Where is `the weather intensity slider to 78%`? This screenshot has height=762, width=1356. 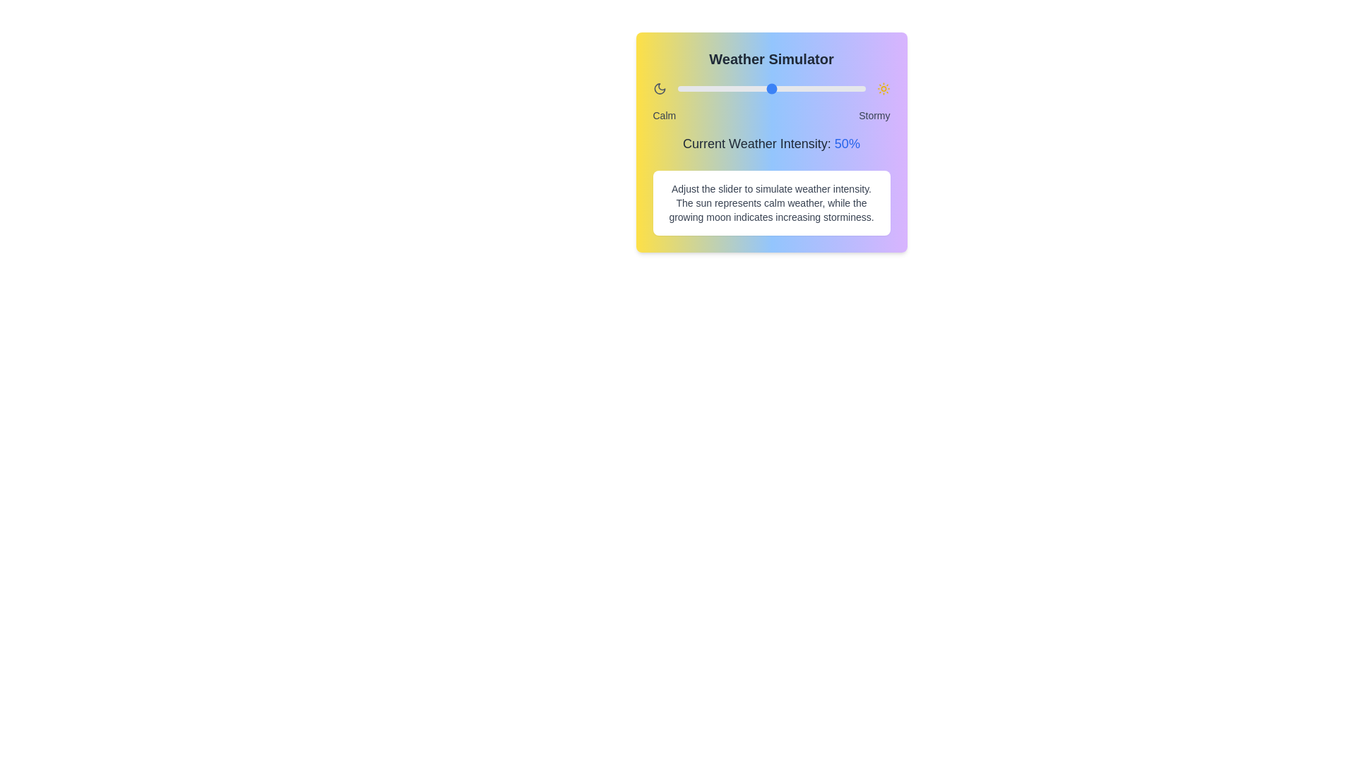 the weather intensity slider to 78% is located at coordinates (823, 89).